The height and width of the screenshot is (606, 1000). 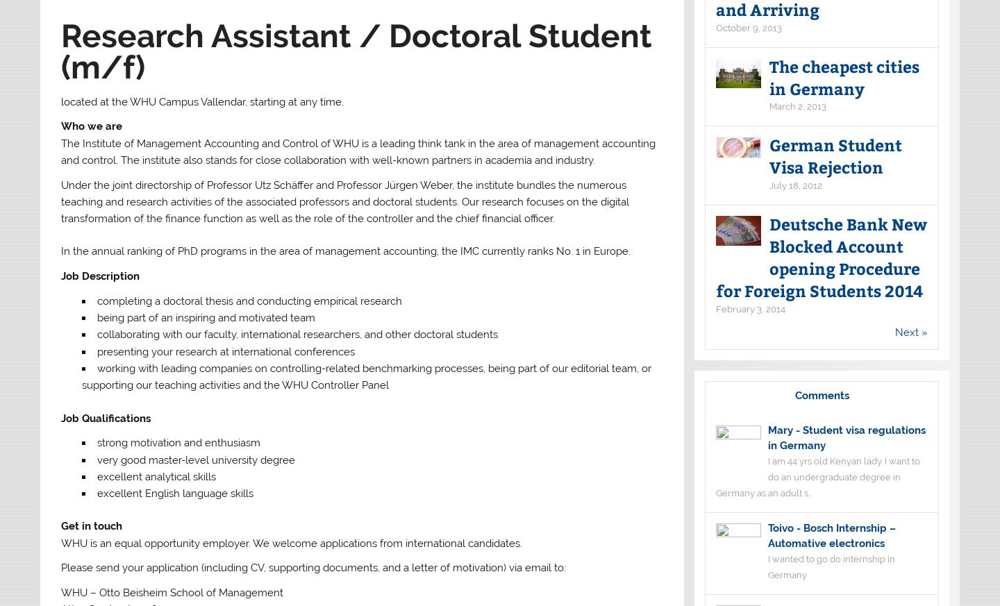 What do you see at coordinates (194, 459) in the screenshot?
I see `'very good master-level university degree'` at bounding box center [194, 459].